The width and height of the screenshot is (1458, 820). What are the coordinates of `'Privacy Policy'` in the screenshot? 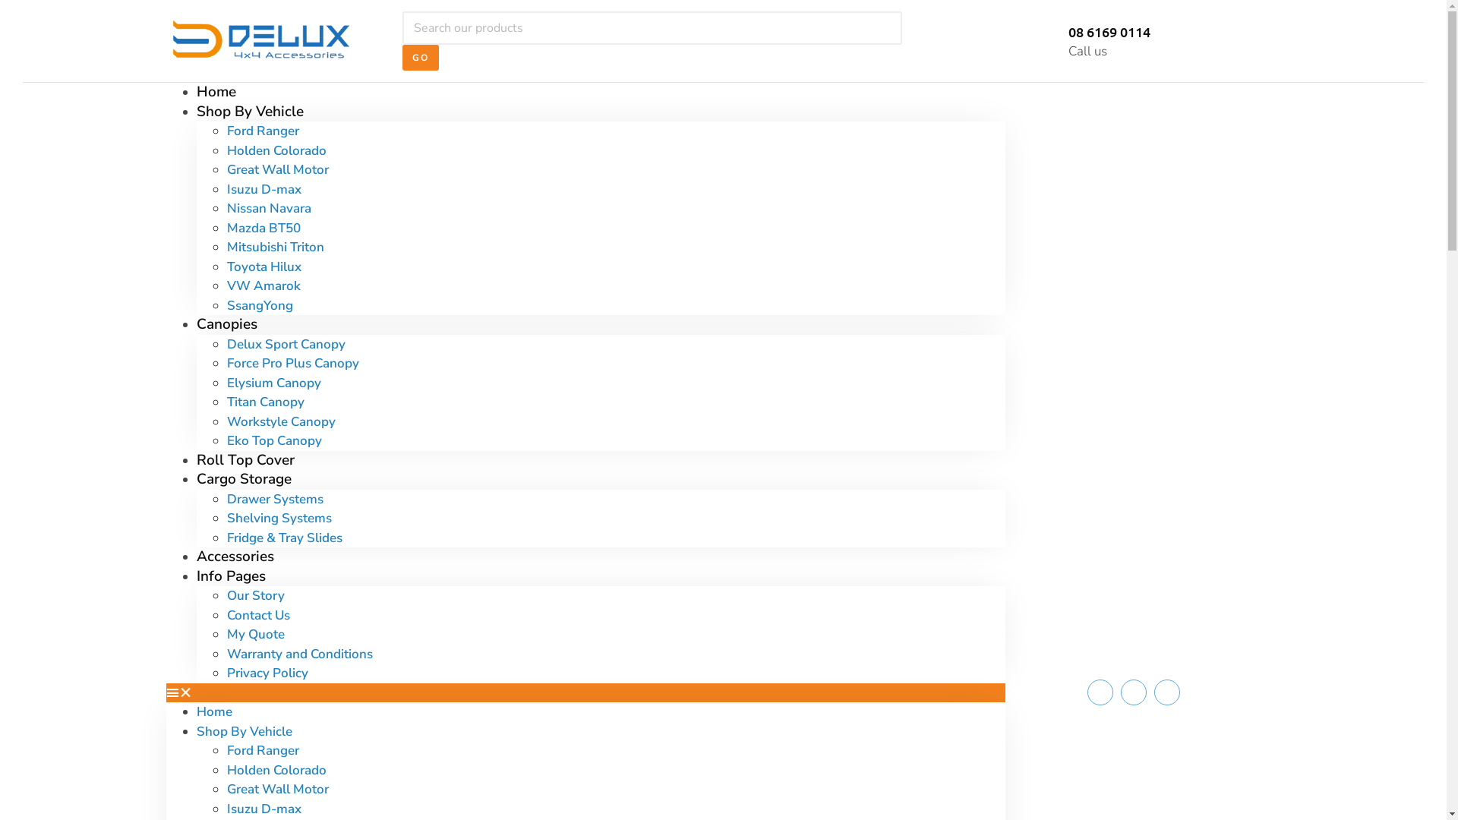 It's located at (267, 672).